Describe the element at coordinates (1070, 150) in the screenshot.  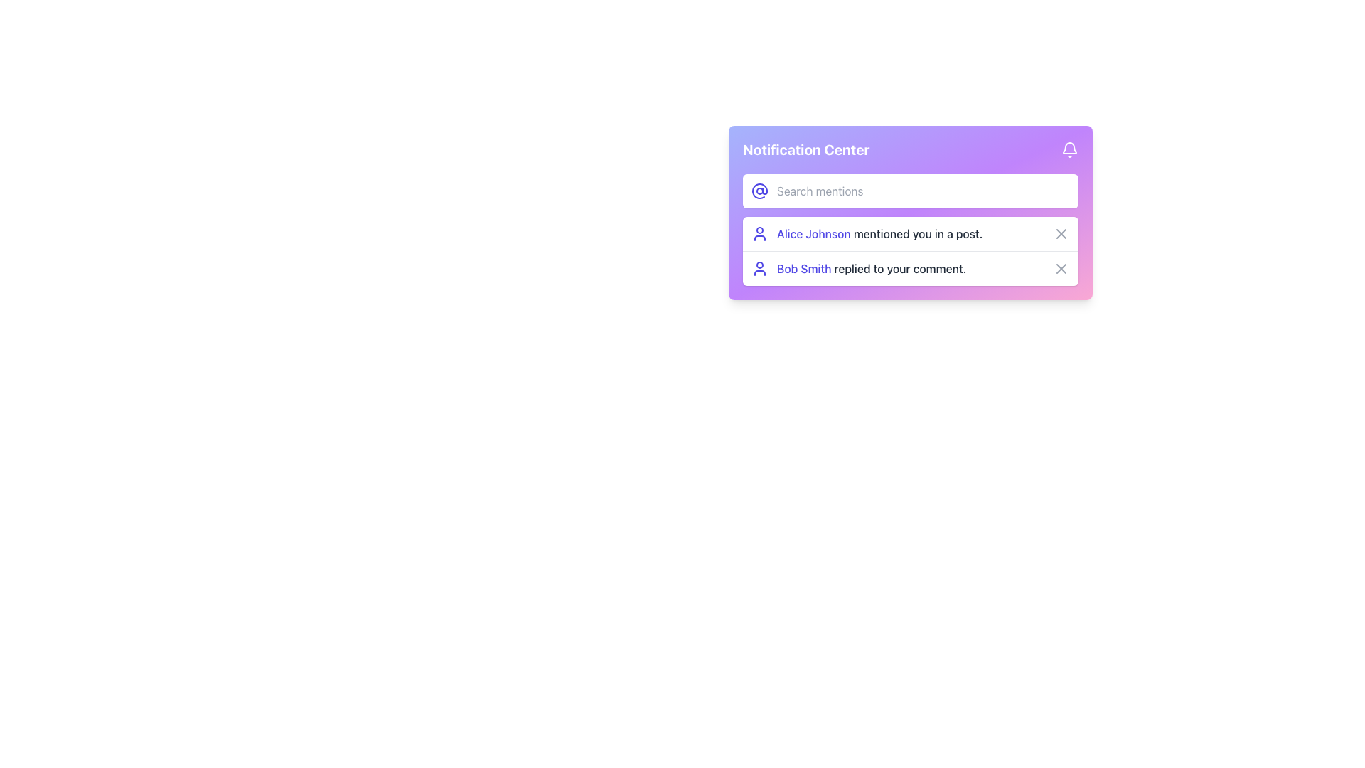
I see `the notification bell icon located in the top-right corner of the 'Notification Center' section, which is styled in a rounded and minimalist design with a white color on a purple background` at that location.